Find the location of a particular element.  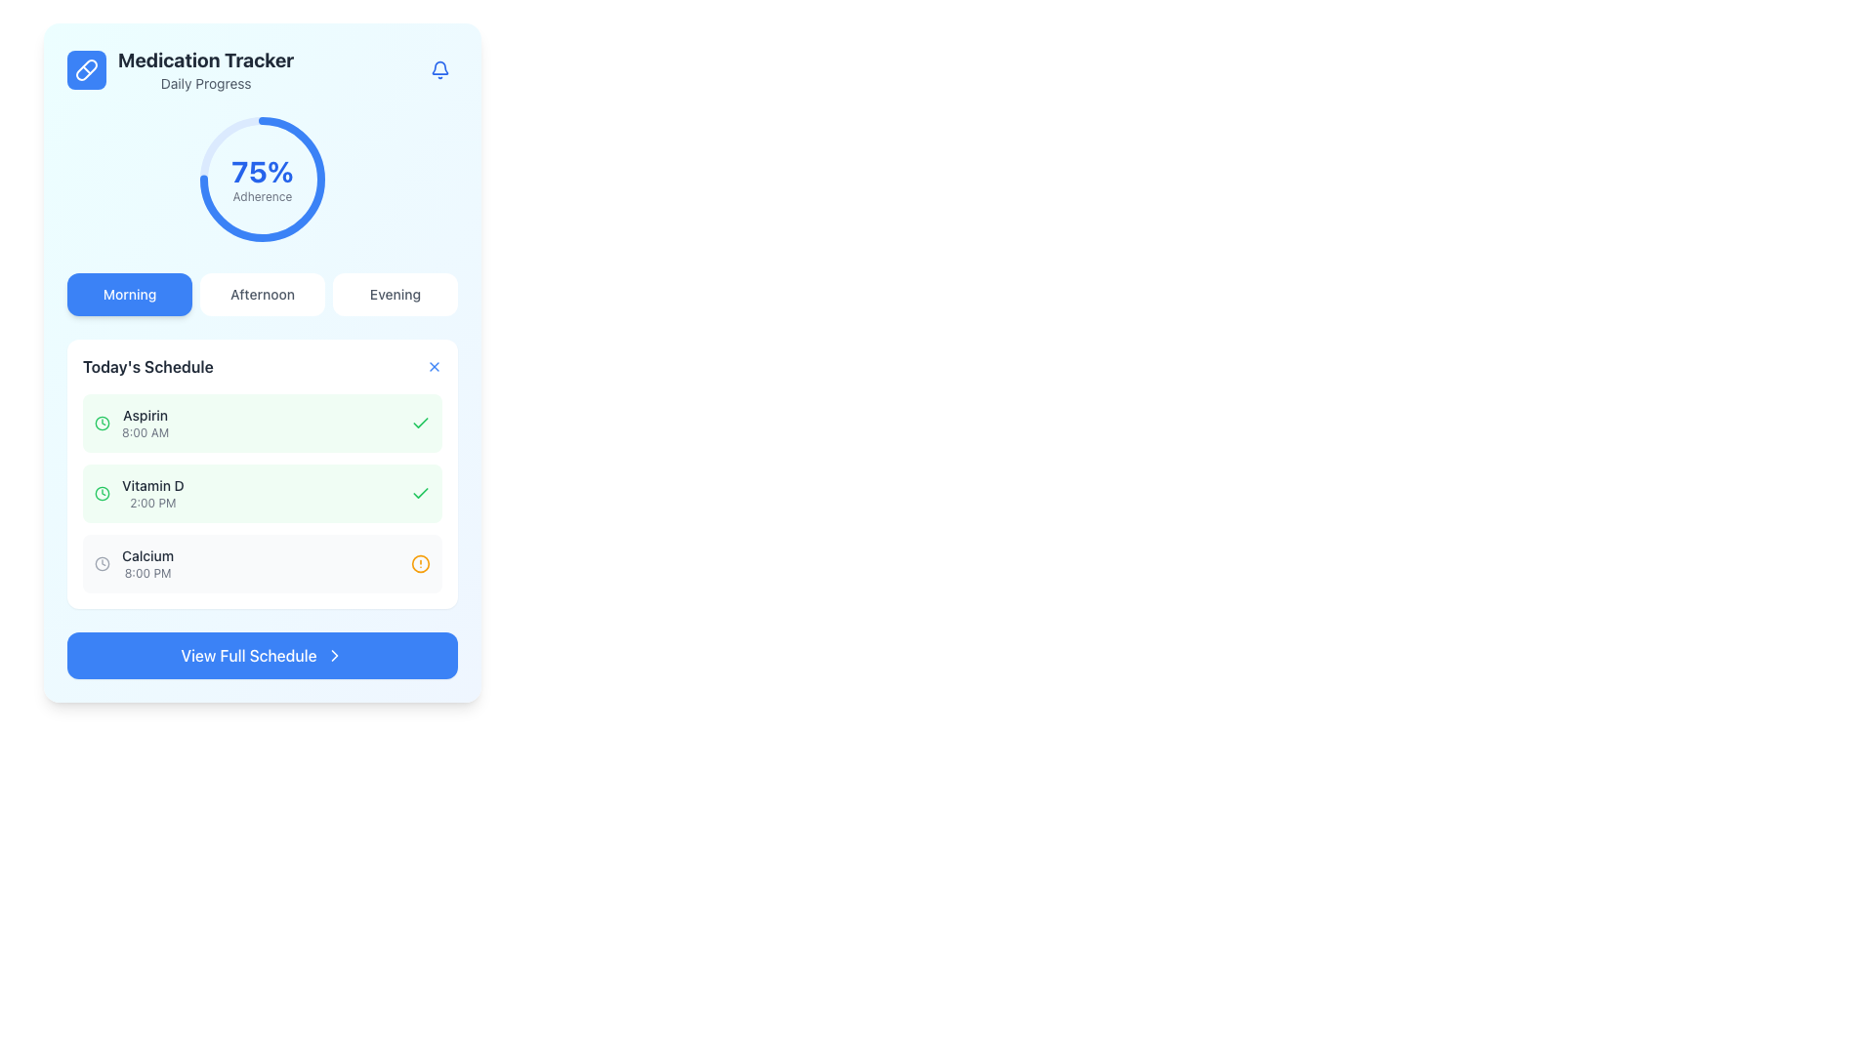

the small circular clock icon with a green outline and a white background, positioned to the left of the text 'Vitamin D 2:00 PM' in the second row of the schedule list is located at coordinates (102, 492).